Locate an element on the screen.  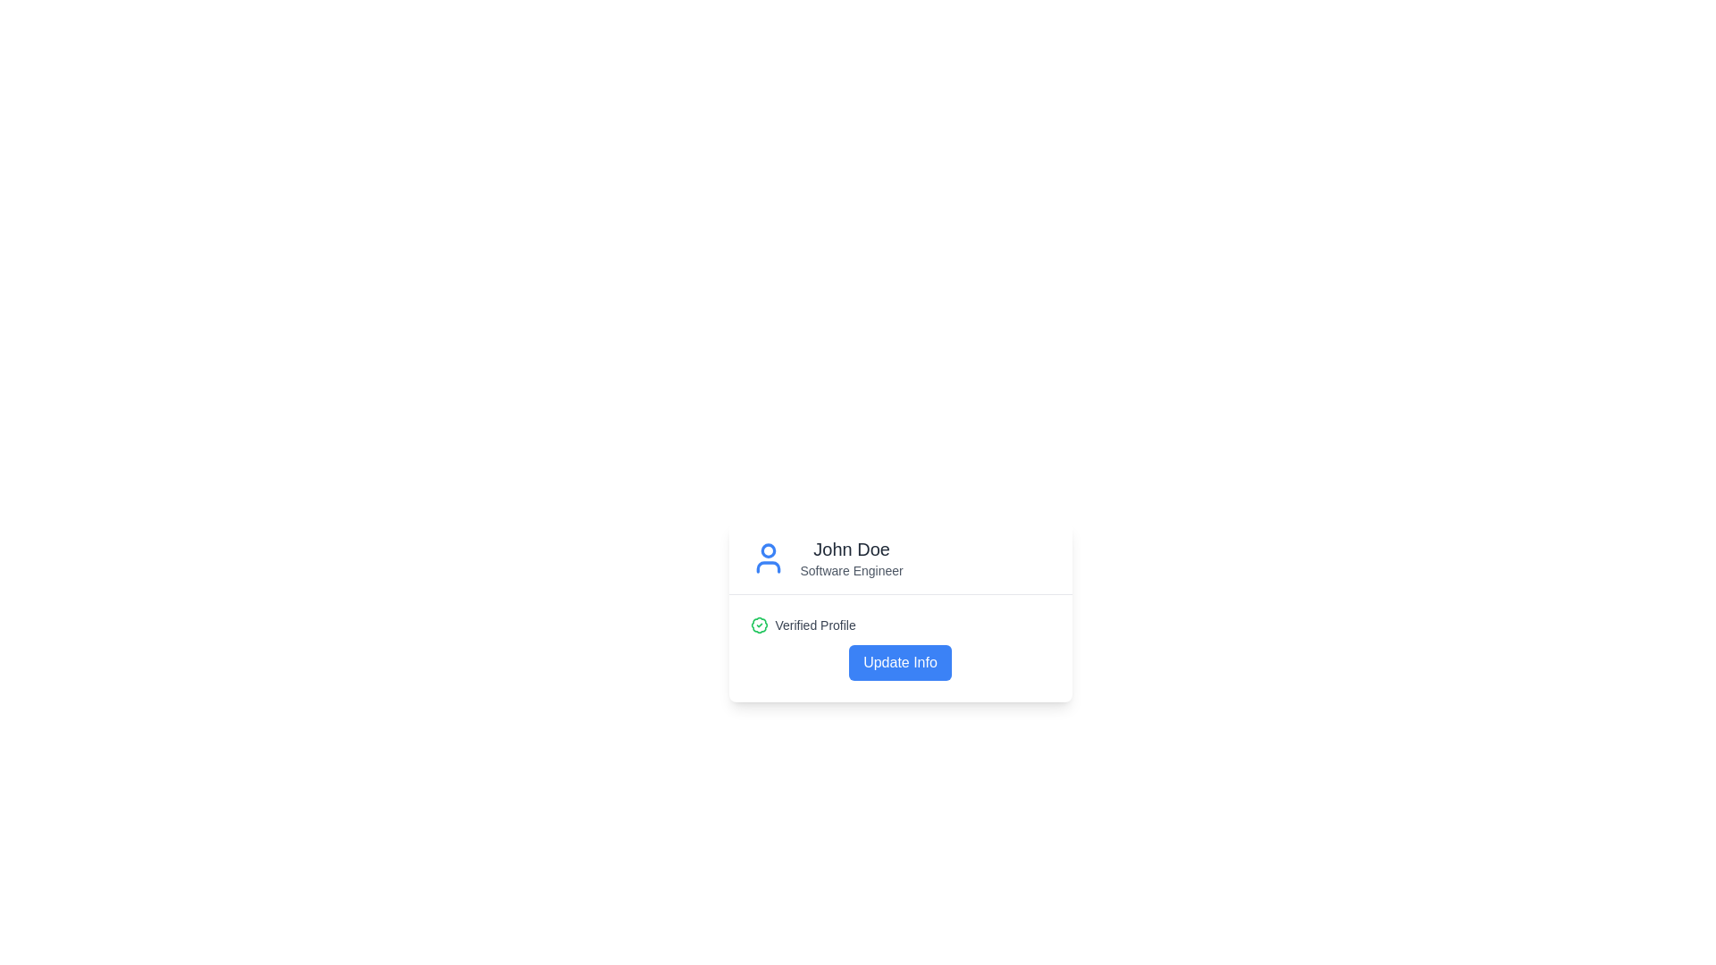
the text label indicating the role 'Software Engineer' located below the name 'John Doe' in the user profile card is located at coordinates (851, 571).